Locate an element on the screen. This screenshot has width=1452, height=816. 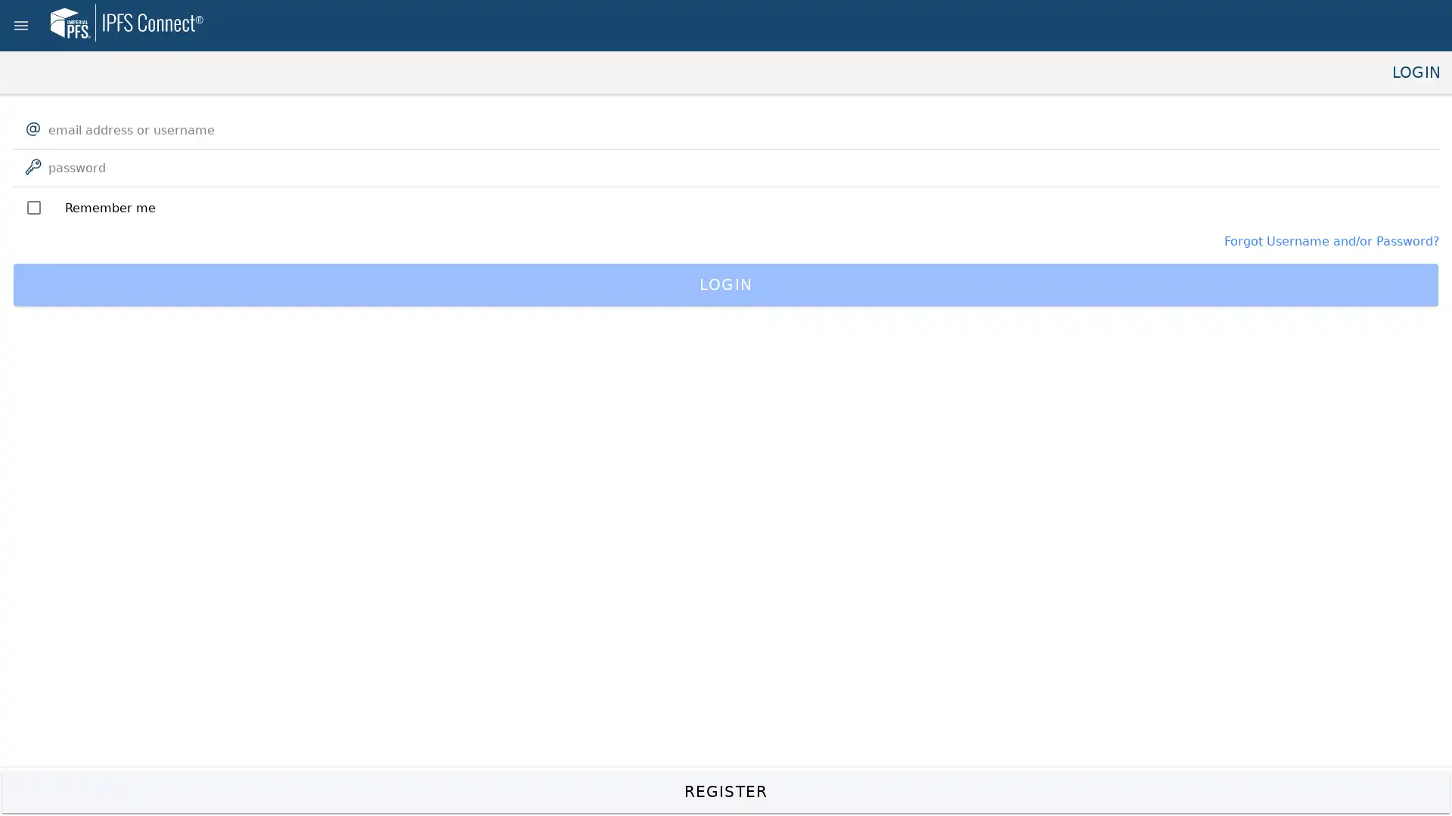
REGISTER is located at coordinates (726, 791).